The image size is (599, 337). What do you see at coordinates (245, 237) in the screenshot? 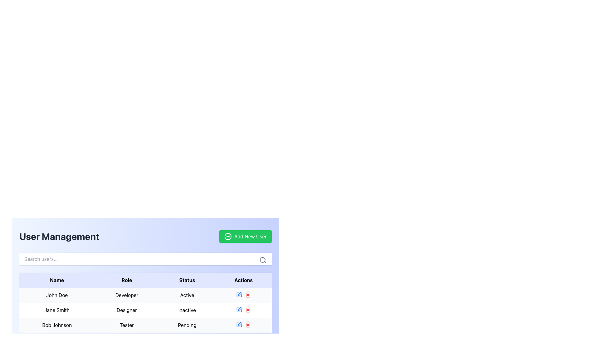
I see `the green 'Add New User' button with a plus icon` at bounding box center [245, 237].